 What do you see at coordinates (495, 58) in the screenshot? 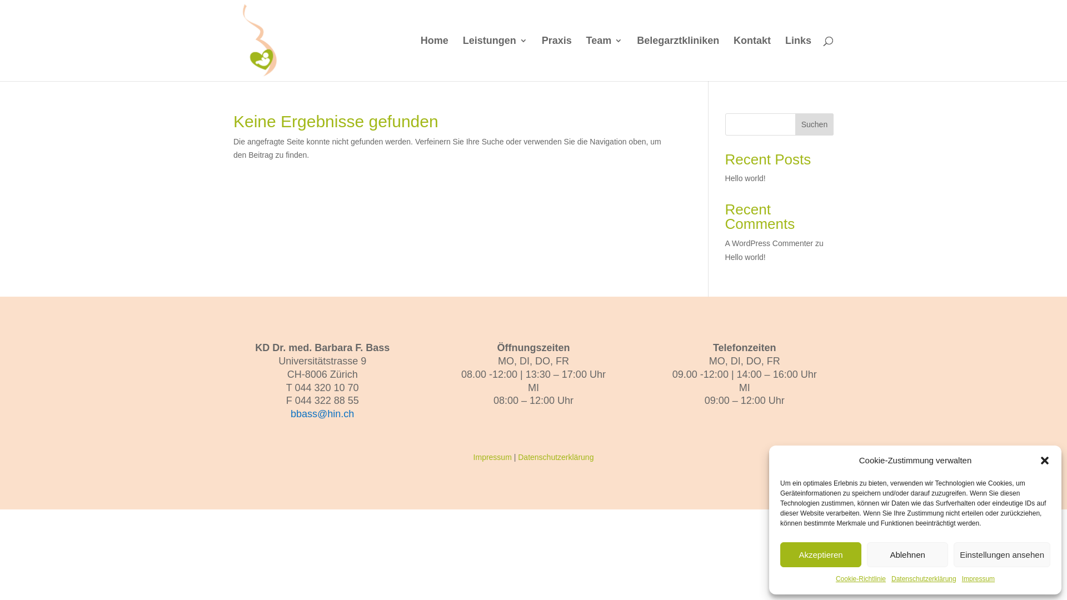
I see `'Leistungen'` at bounding box center [495, 58].